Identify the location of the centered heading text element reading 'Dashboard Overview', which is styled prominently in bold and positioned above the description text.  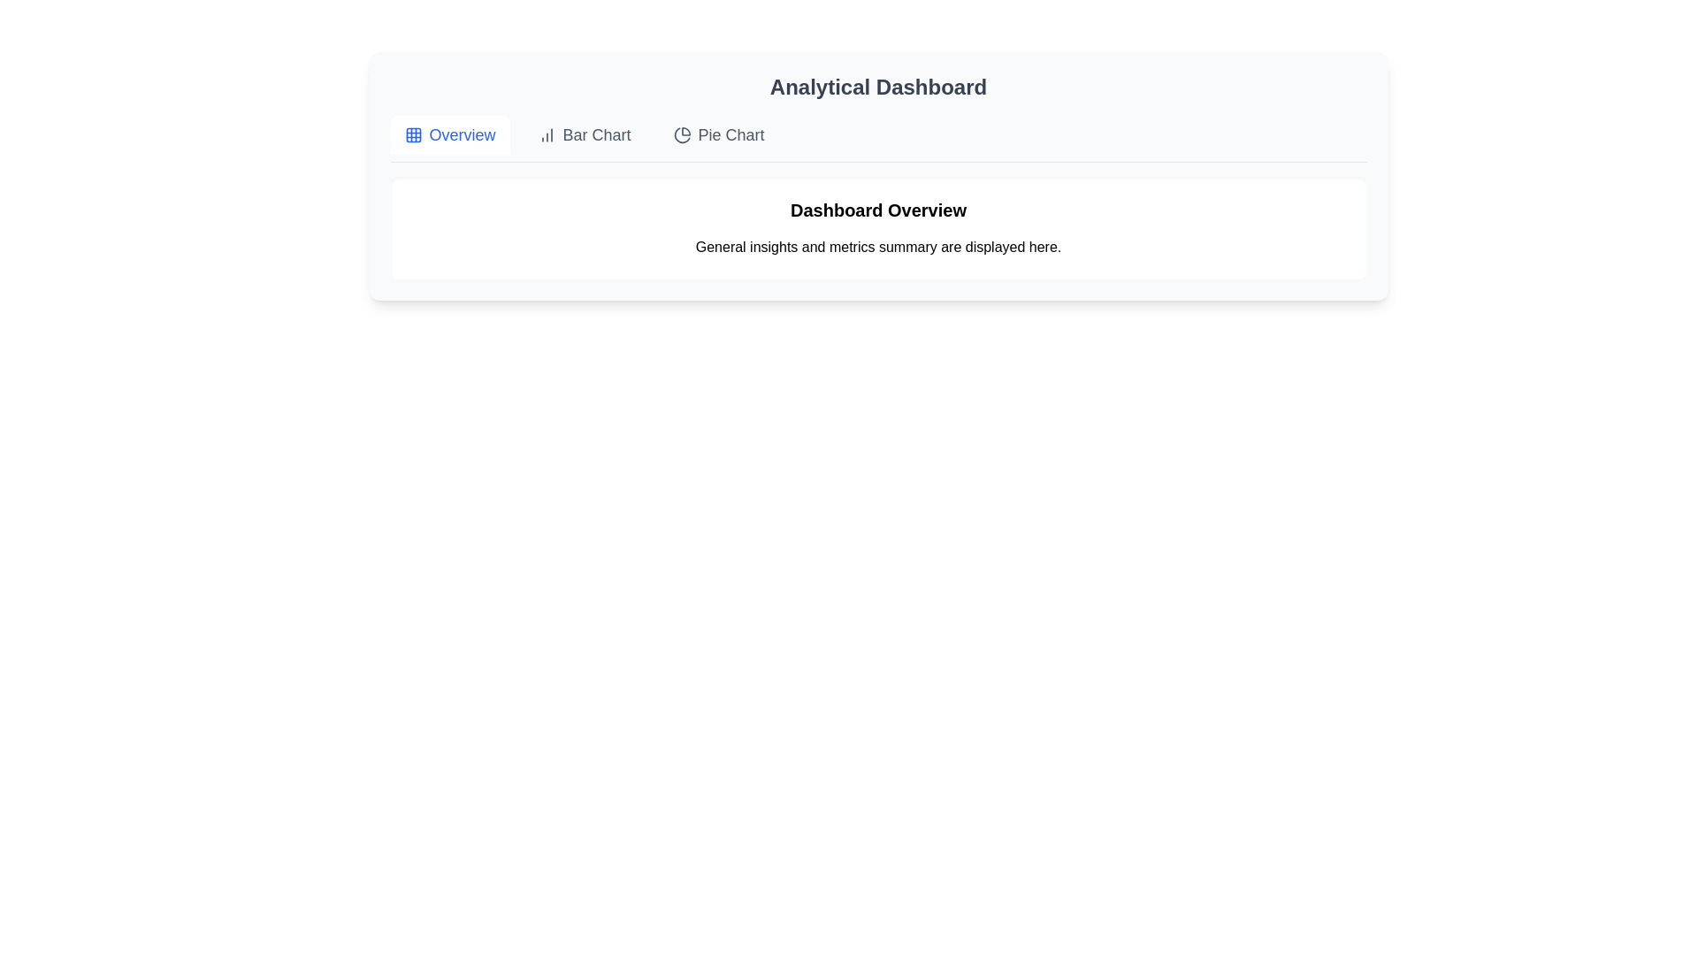
(878, 210).